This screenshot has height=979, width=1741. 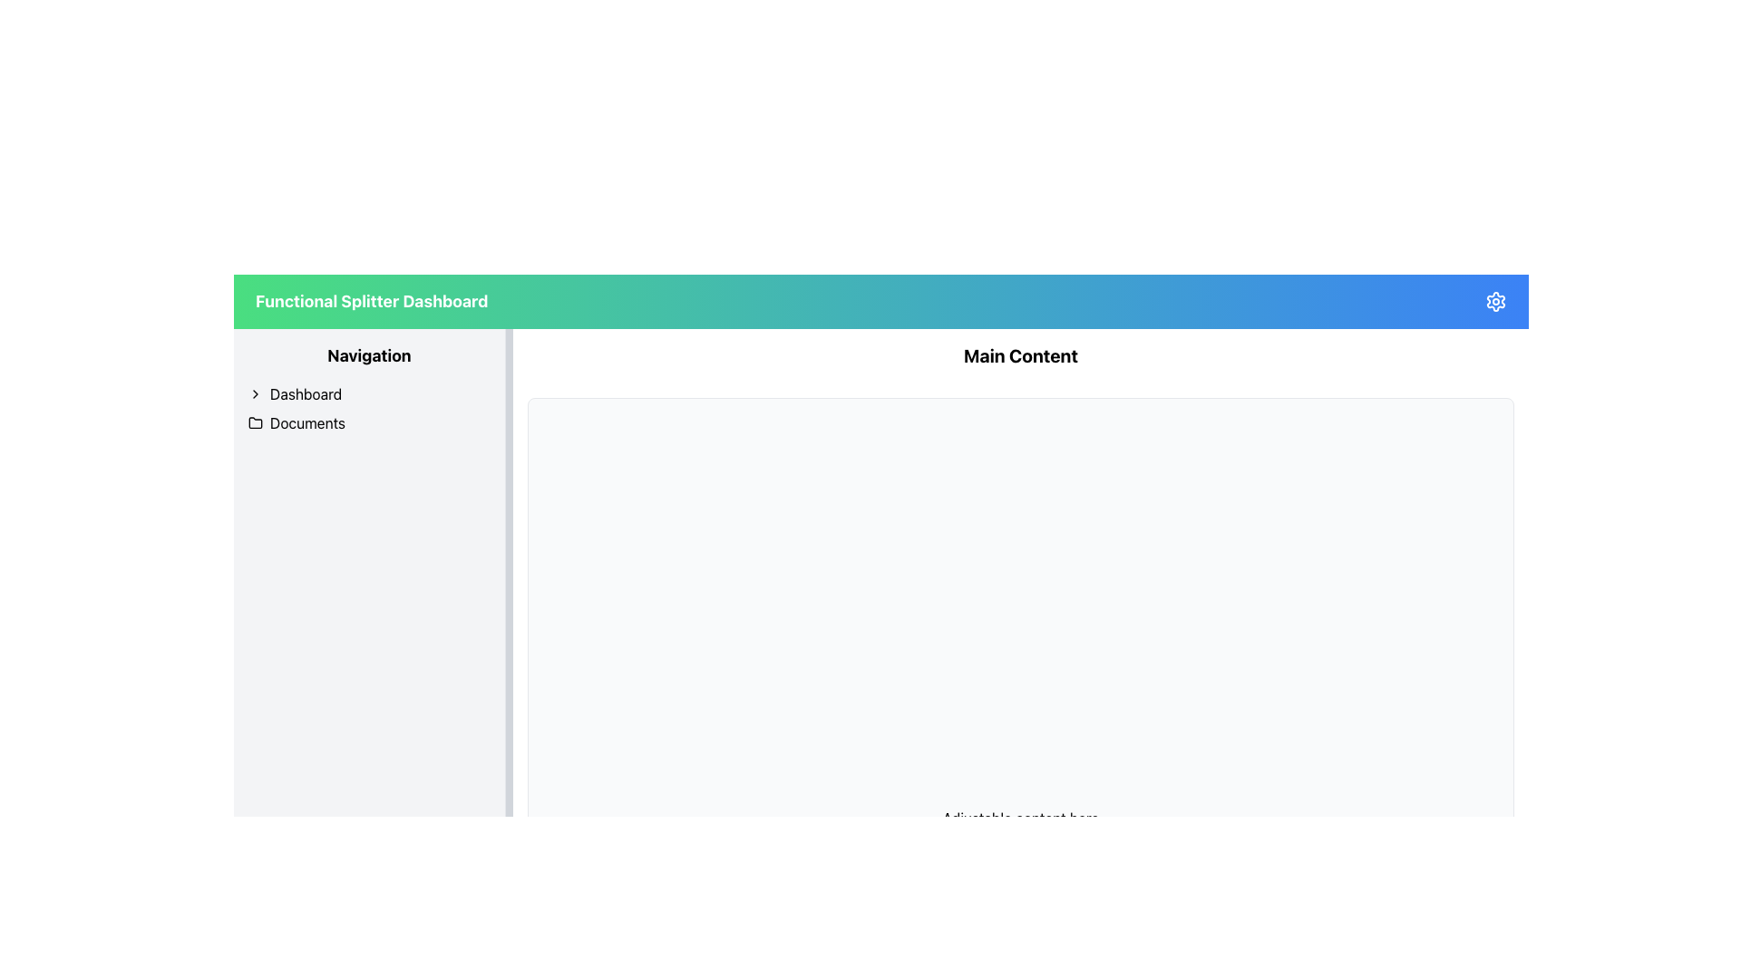 What do you see at coordinates (1021, 818) in the screenshot?
I see `the non-interactive informational text label located at the bottom of the central main content region` at bounding box center [1021, 818].